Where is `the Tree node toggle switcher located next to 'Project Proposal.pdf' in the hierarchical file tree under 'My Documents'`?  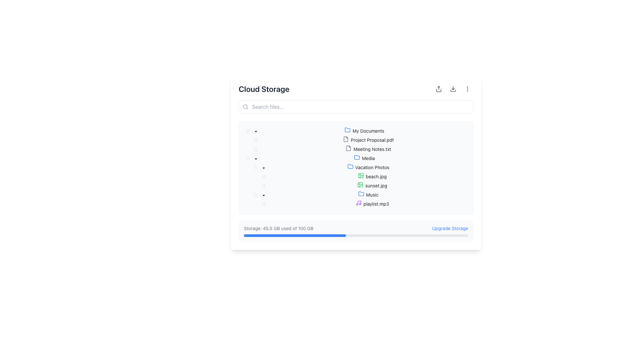 the Tree node toggle switcher located next to 'Project Proposal.pdf' in the hierarchical file tree under 'My Documents' is located at coordinates (264, 139).